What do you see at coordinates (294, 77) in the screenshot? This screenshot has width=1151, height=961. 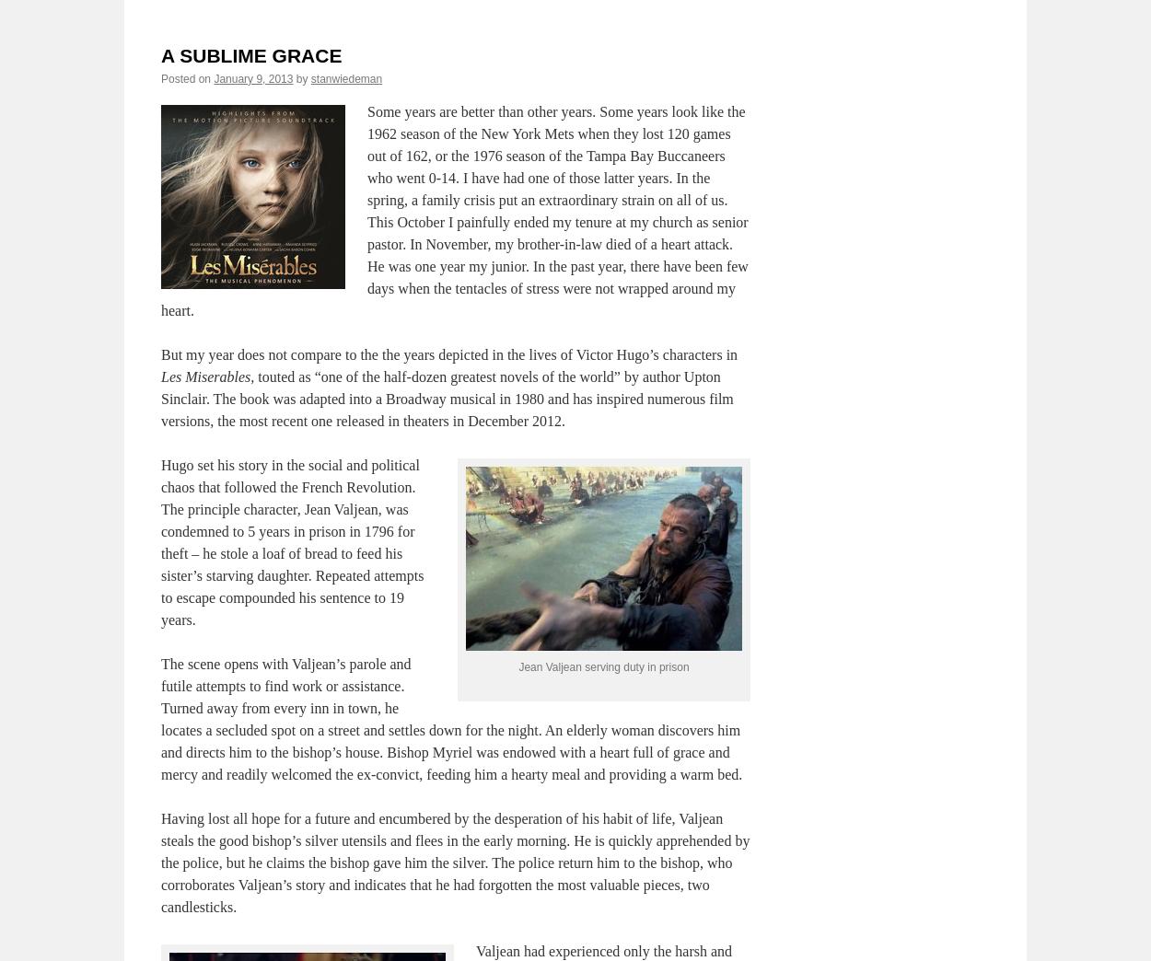 I see `'by'` at bounding box center [294, 77].